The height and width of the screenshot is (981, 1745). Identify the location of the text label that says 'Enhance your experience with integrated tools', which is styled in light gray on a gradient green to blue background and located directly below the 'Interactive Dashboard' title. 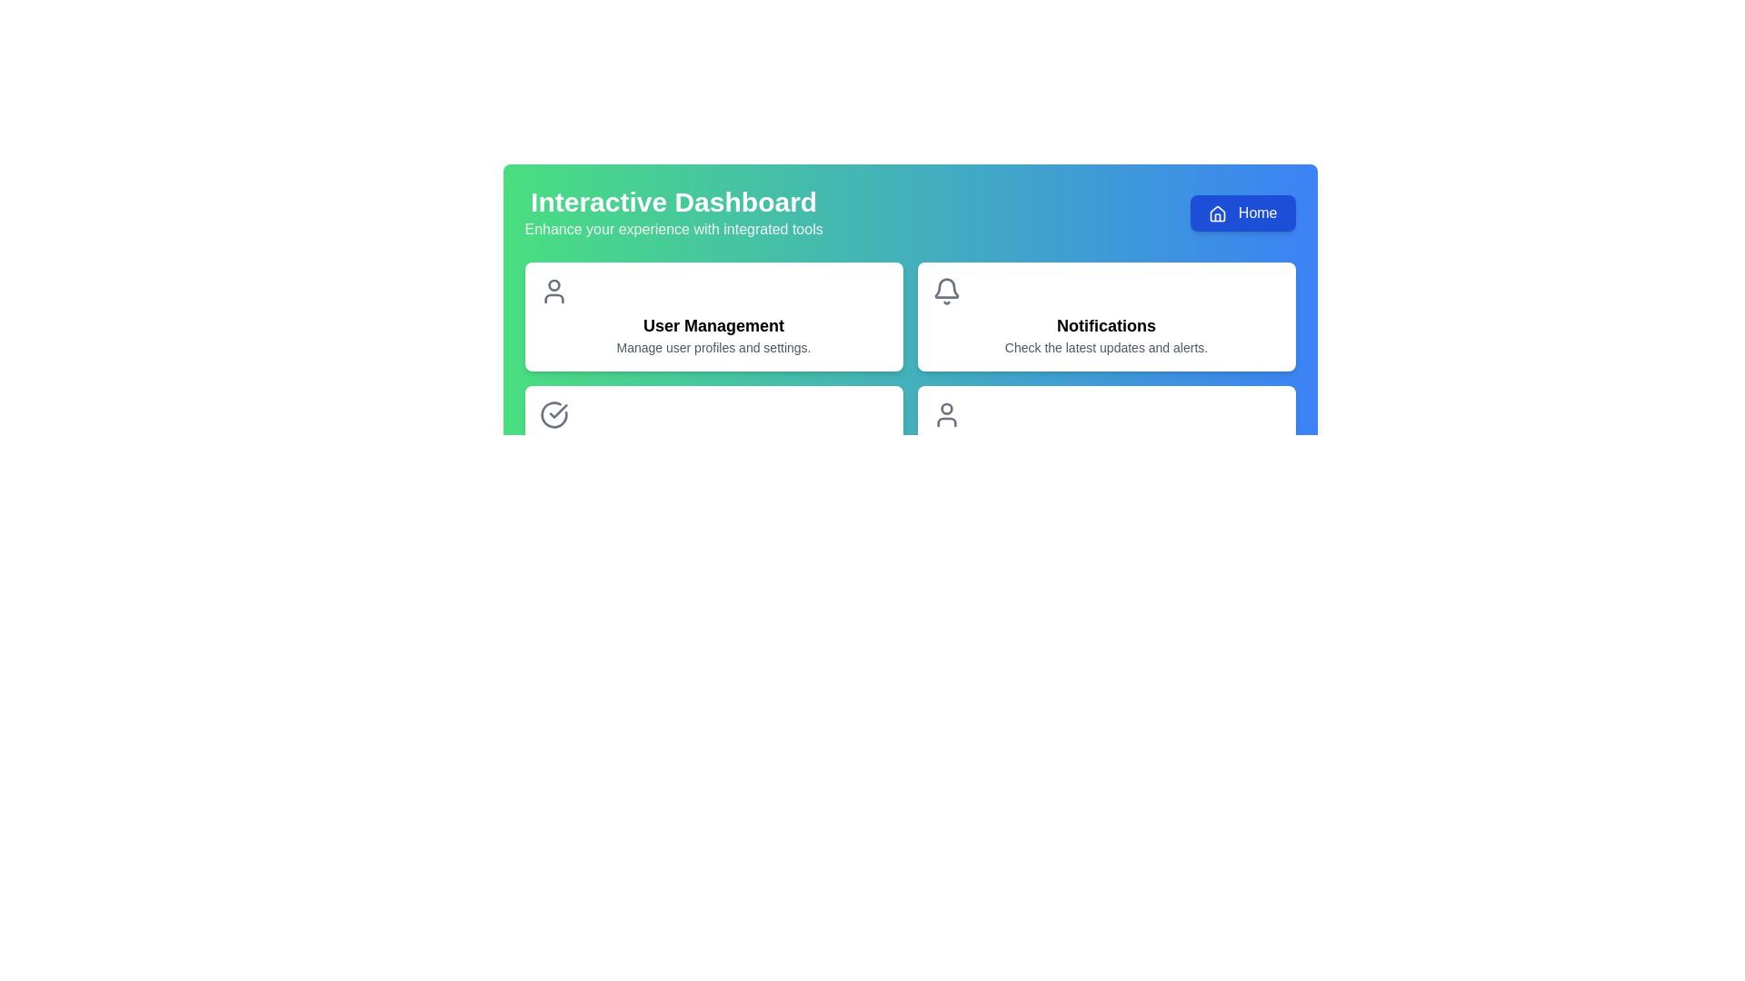
(673, 229).